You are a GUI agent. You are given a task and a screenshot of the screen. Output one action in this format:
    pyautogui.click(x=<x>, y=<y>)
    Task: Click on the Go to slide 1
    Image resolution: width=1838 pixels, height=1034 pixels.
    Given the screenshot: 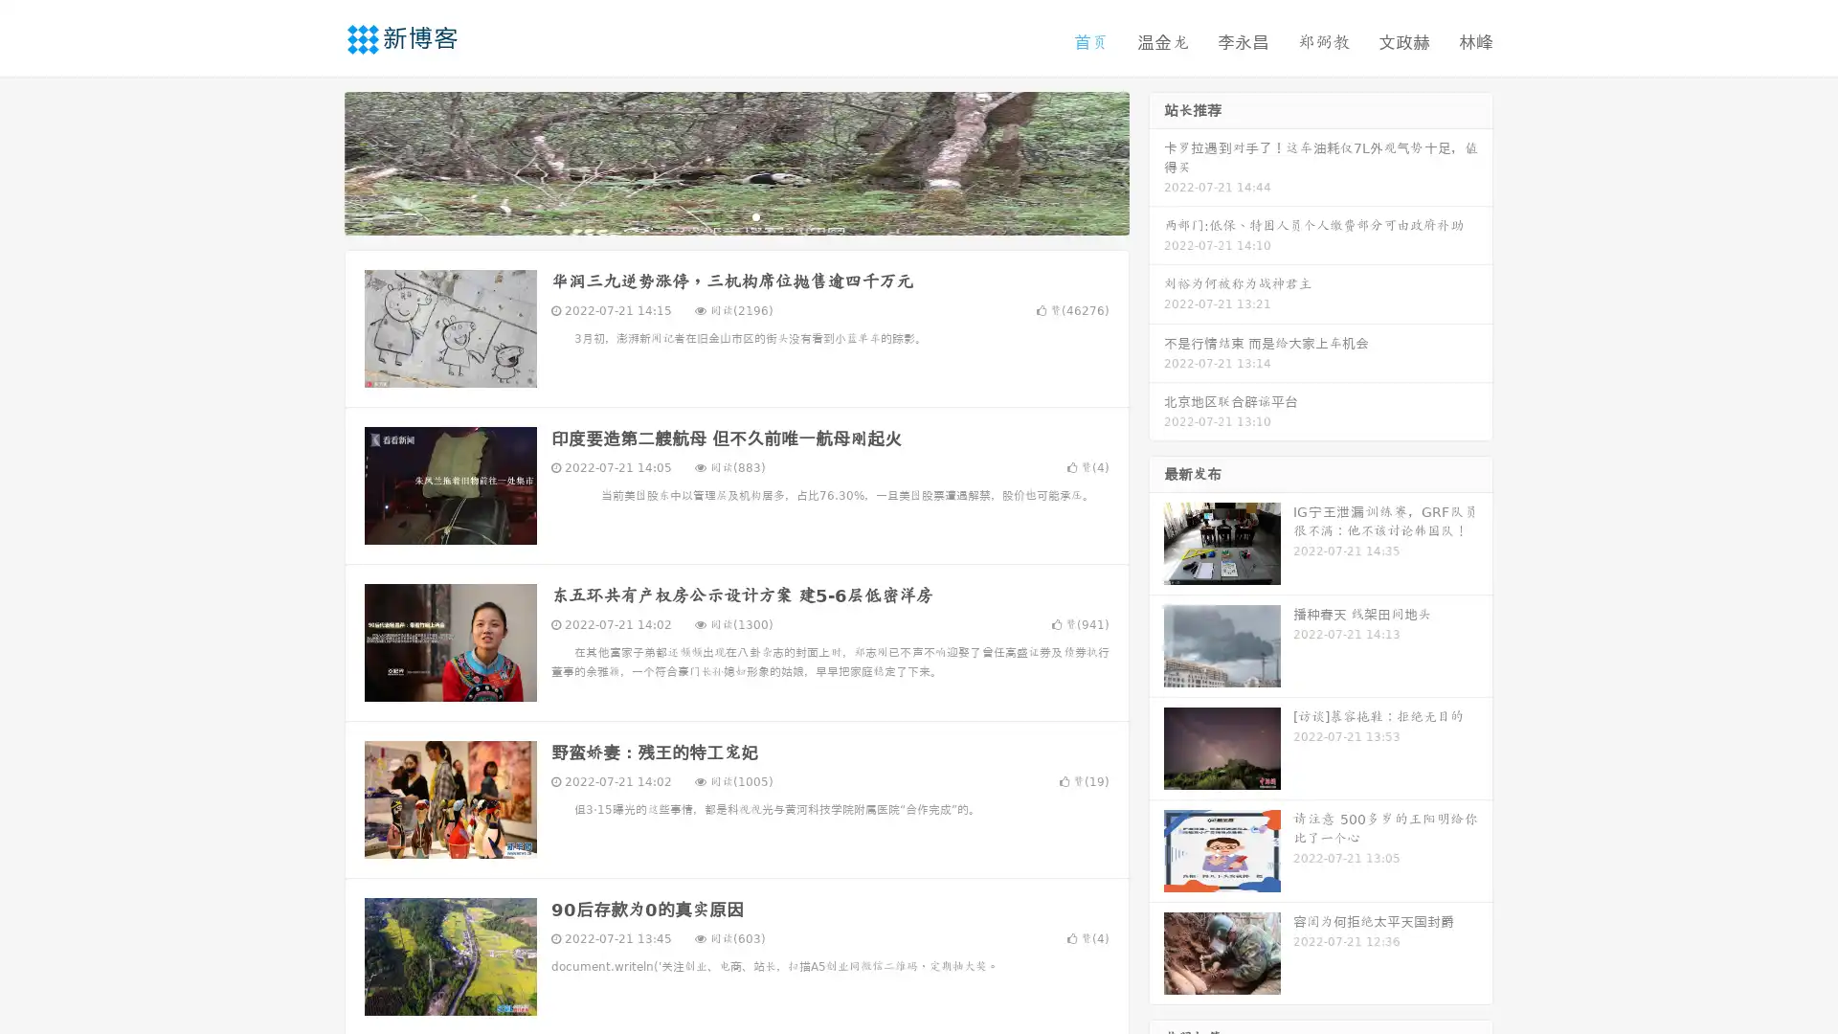 What is the action you would take?
    pyautogui.click(x=716, y=215)
    